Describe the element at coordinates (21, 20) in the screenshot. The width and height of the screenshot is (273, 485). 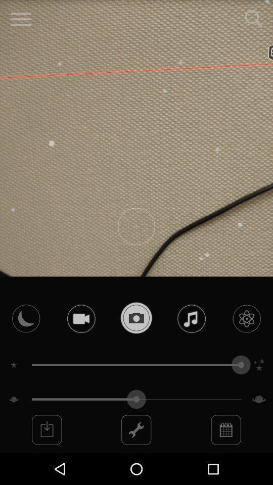
I see `the menu icon` at that location.